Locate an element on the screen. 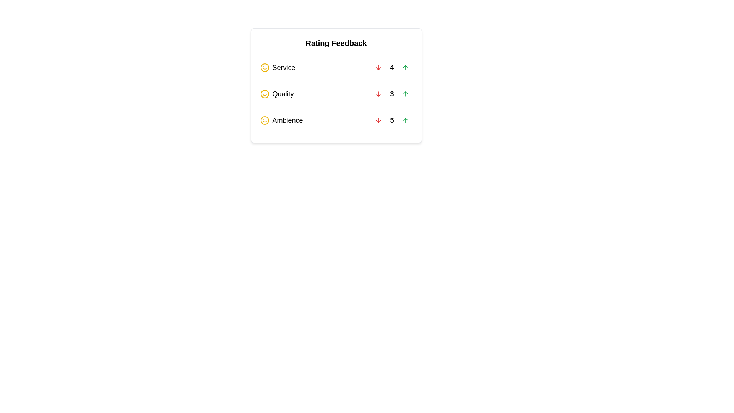  the static text heading that reads 'Rating Feedback', which is a bold large text located at the top of a feedback rating card is located at coordinates (336, 43).